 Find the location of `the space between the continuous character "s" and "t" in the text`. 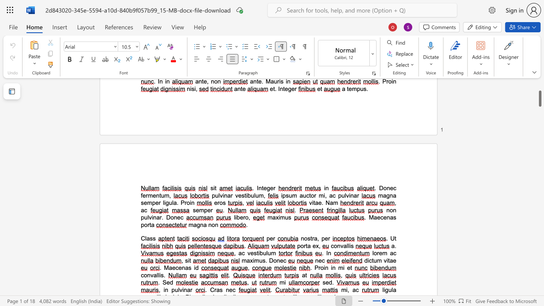

the space between the continuous character "s" and "t" in the text is located at coordinates (309, 238).